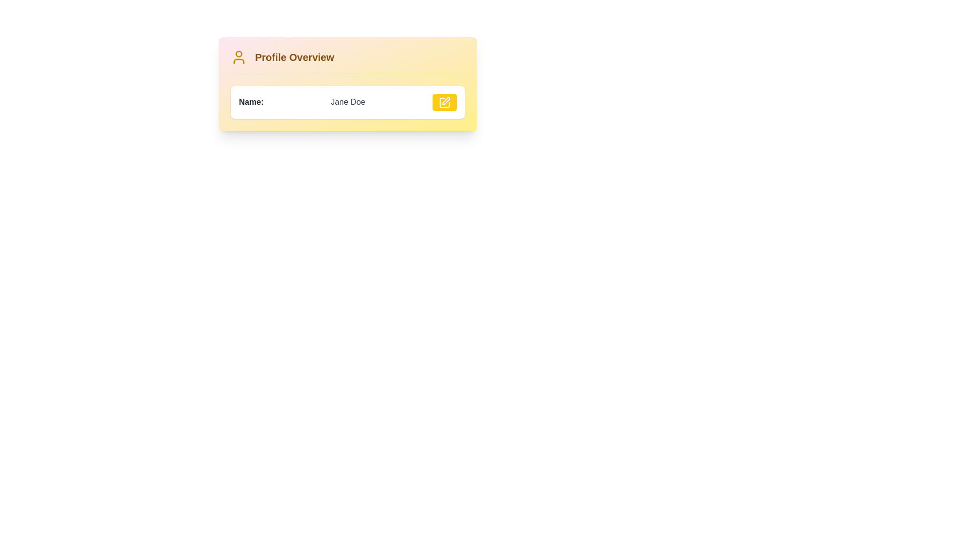  What do you see at coordinates (444, 102) in the screenshot?
I see `the edit Icon button located in the 'Profile Overview' card to the right of the label 'Name:' and the content 'Jane Doe' to initiate an edit action` at bounding box center [444, 102].